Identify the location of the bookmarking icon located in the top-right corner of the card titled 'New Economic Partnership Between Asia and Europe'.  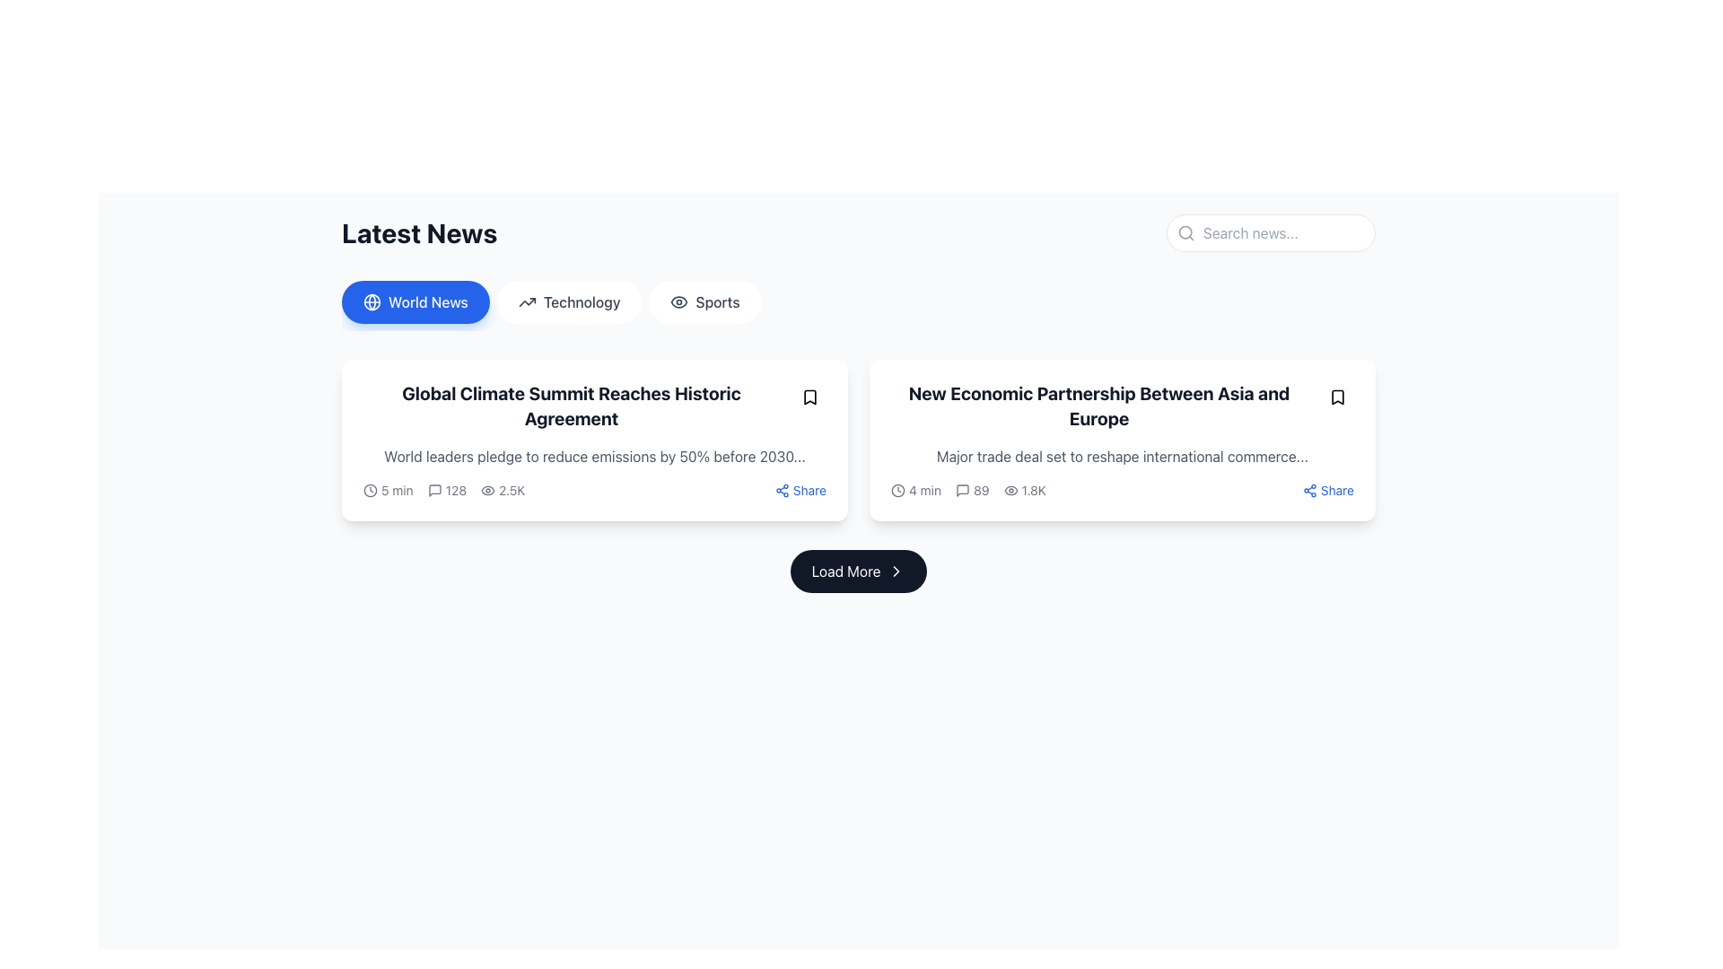
(1338, 397).